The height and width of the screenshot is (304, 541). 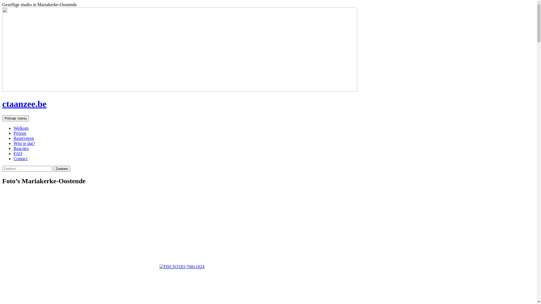 I want to click on 'Reacties', so click(x=21, y=148).